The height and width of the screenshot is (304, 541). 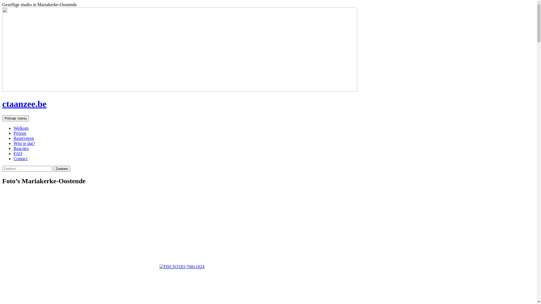 I want to click on 'Reacties', so click(x=21, y=148).